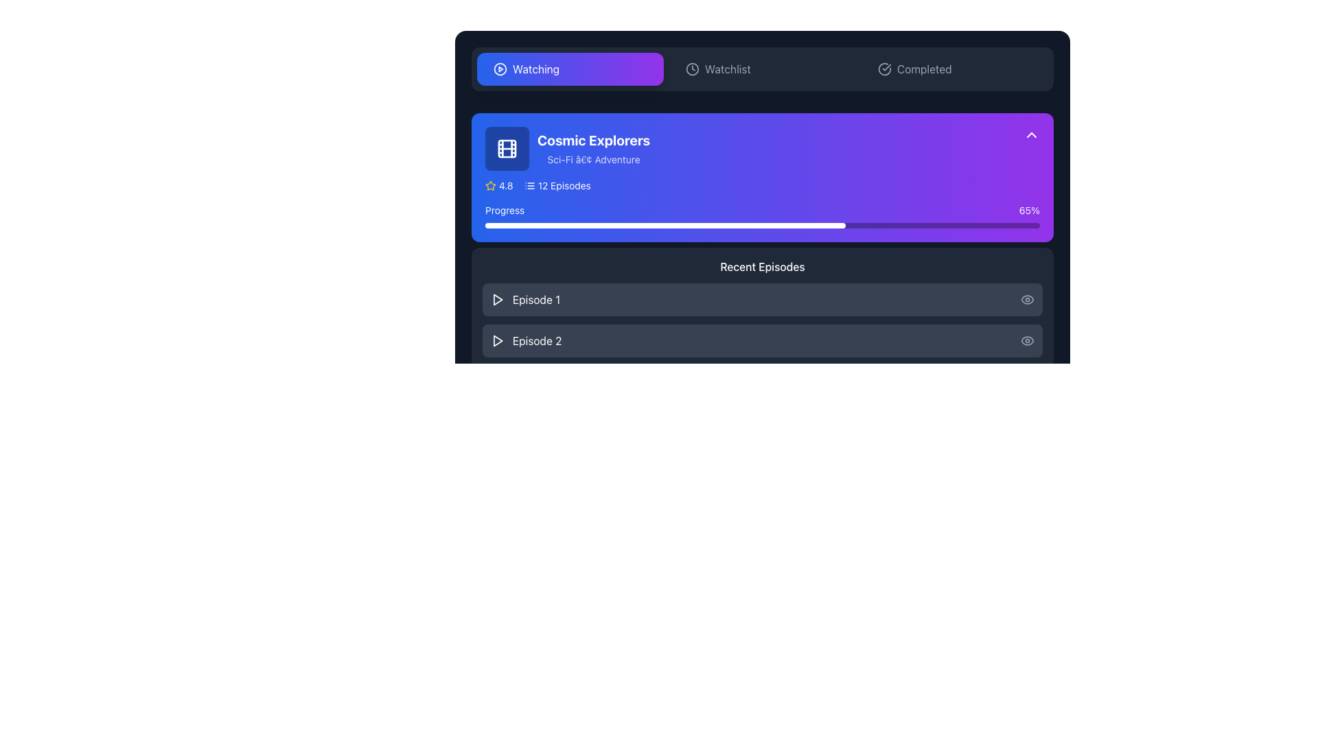  What do you see at coordinates (497, 340) in the screenshot?
I see `the Play icon (SVG graphic) located in the second row of the list labeled 'Episode 2'` at bounding box center [497, 340].